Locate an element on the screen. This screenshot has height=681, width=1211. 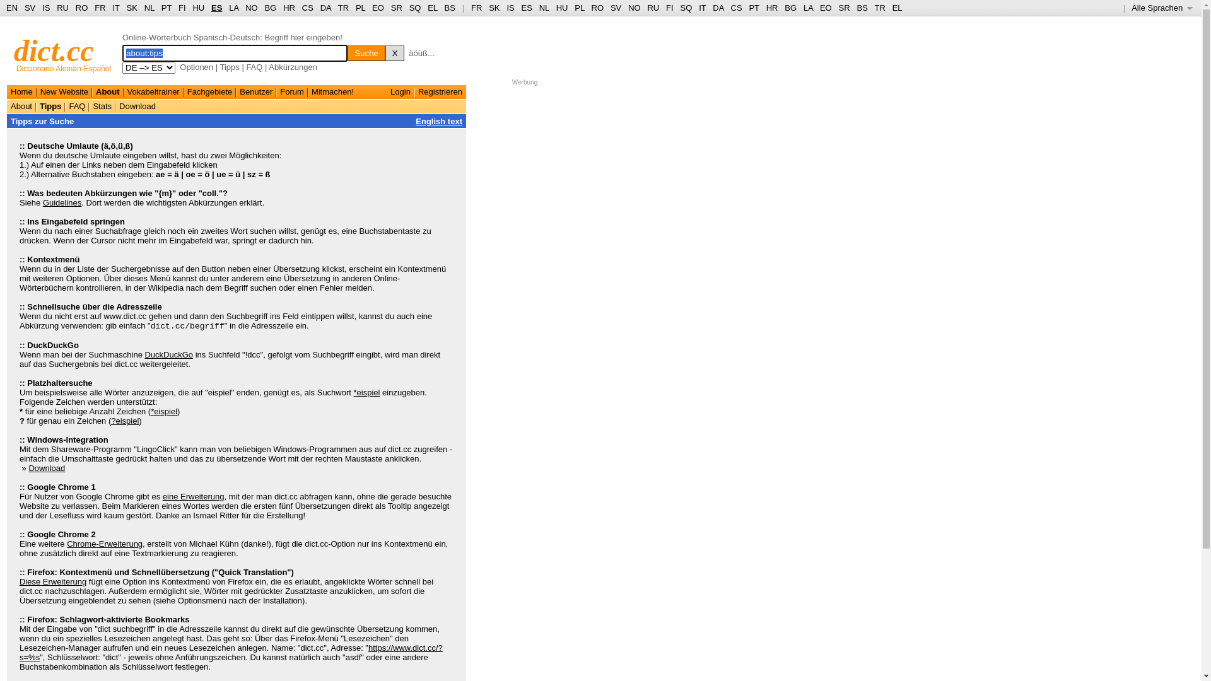
'Registrieren' is located at coordinates (418, 91).